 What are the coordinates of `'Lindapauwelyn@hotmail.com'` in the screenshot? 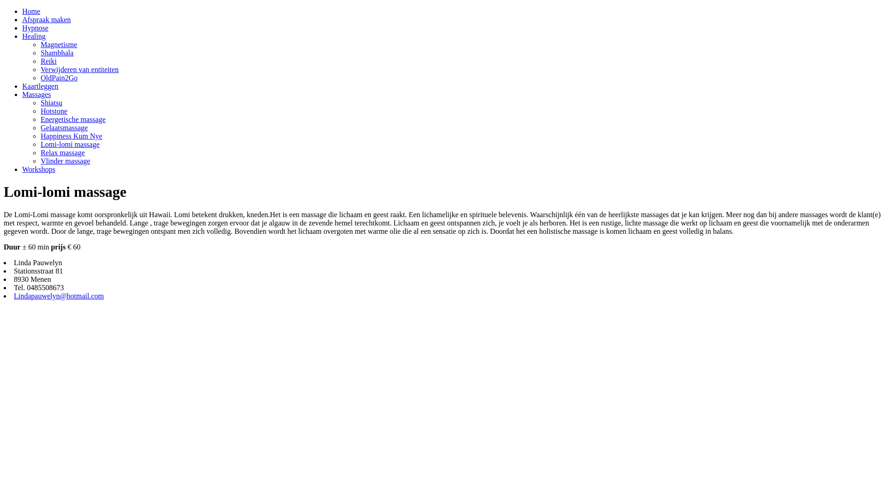 It's located at (58, 296).